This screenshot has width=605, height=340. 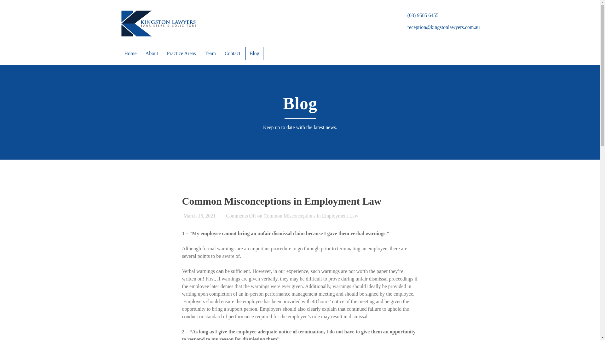 What do you see at coordinates (210, 53) in the screenshot?
I see `'Team'` at bounding box center [210, 53].